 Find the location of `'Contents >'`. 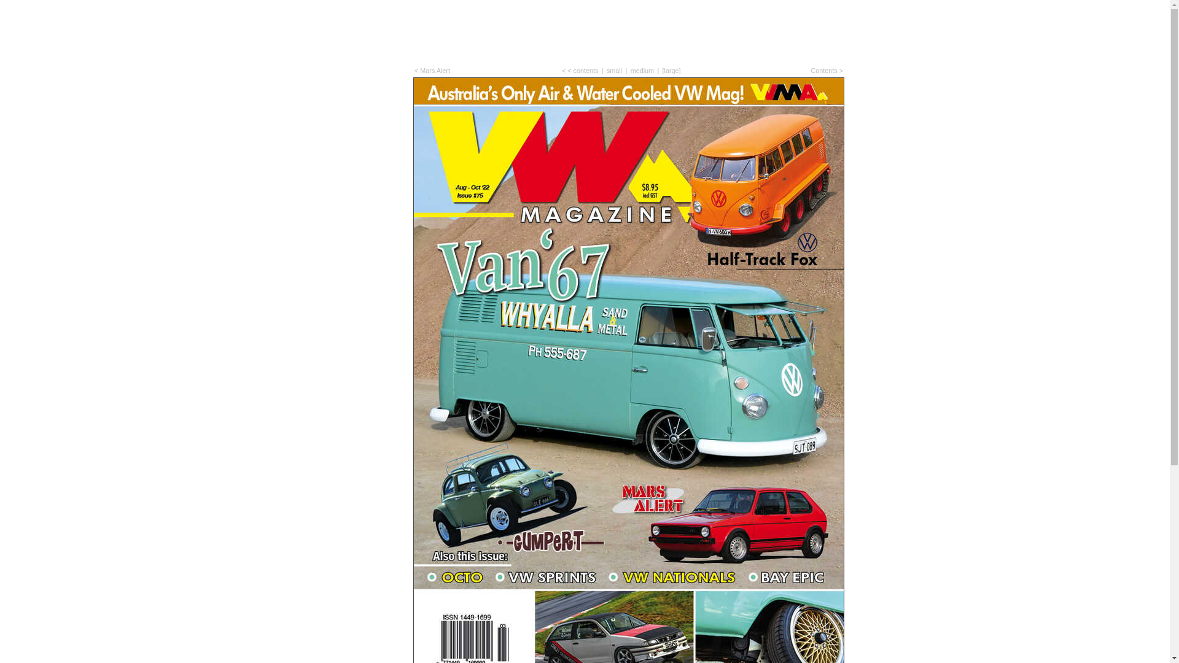

'Contents >' is located at coordinates (827, 71).